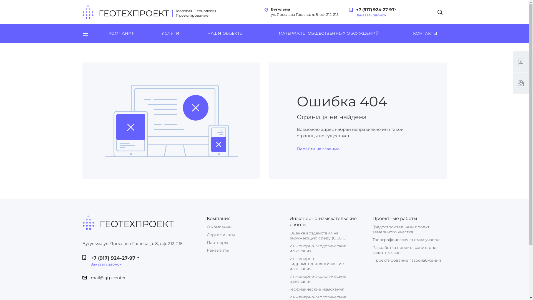  I want to click on '+7 (917) 924-27-97', so click(112, 258).